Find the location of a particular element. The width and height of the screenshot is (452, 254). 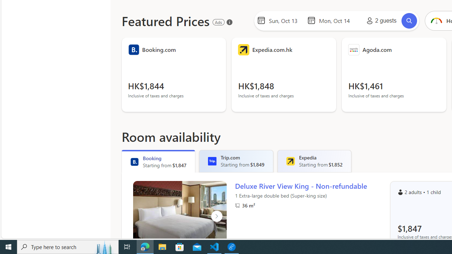

'Vendor Logo' is located at coordinates (354, 49).